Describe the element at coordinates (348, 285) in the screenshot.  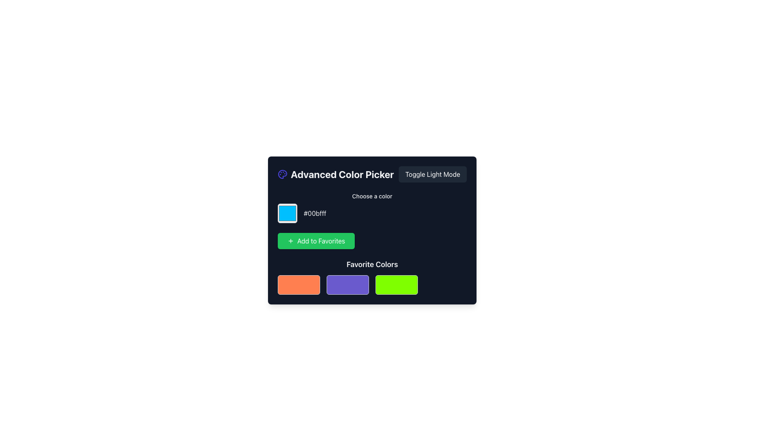
I see `the vibrant purple button, which is the second tile in a grid row of four` at that location.